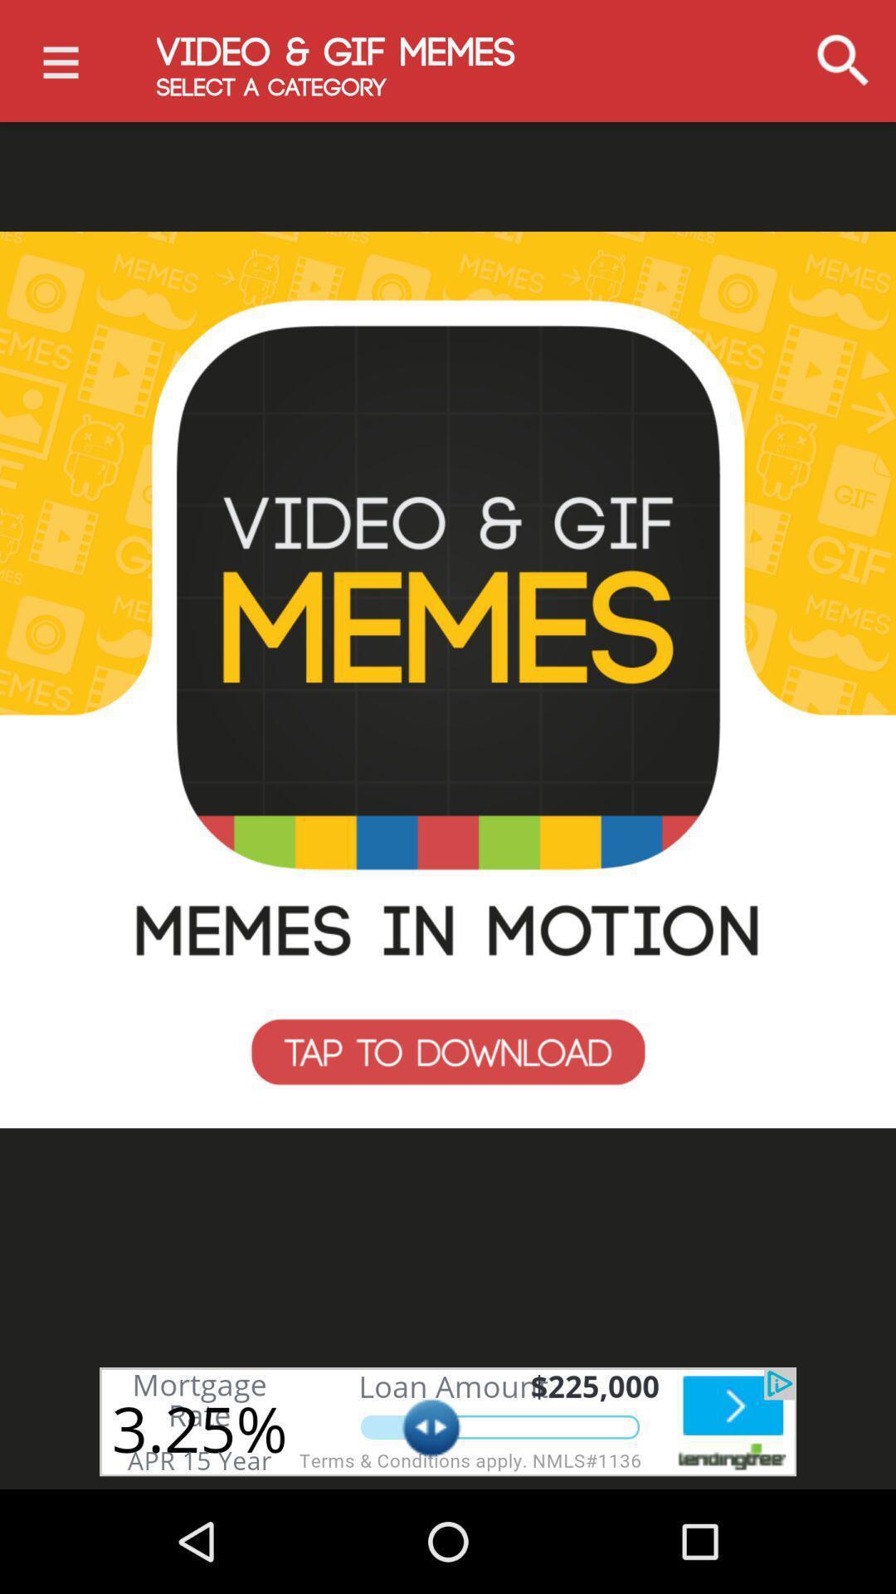  I want to click on tap to download, so click(448, 680).